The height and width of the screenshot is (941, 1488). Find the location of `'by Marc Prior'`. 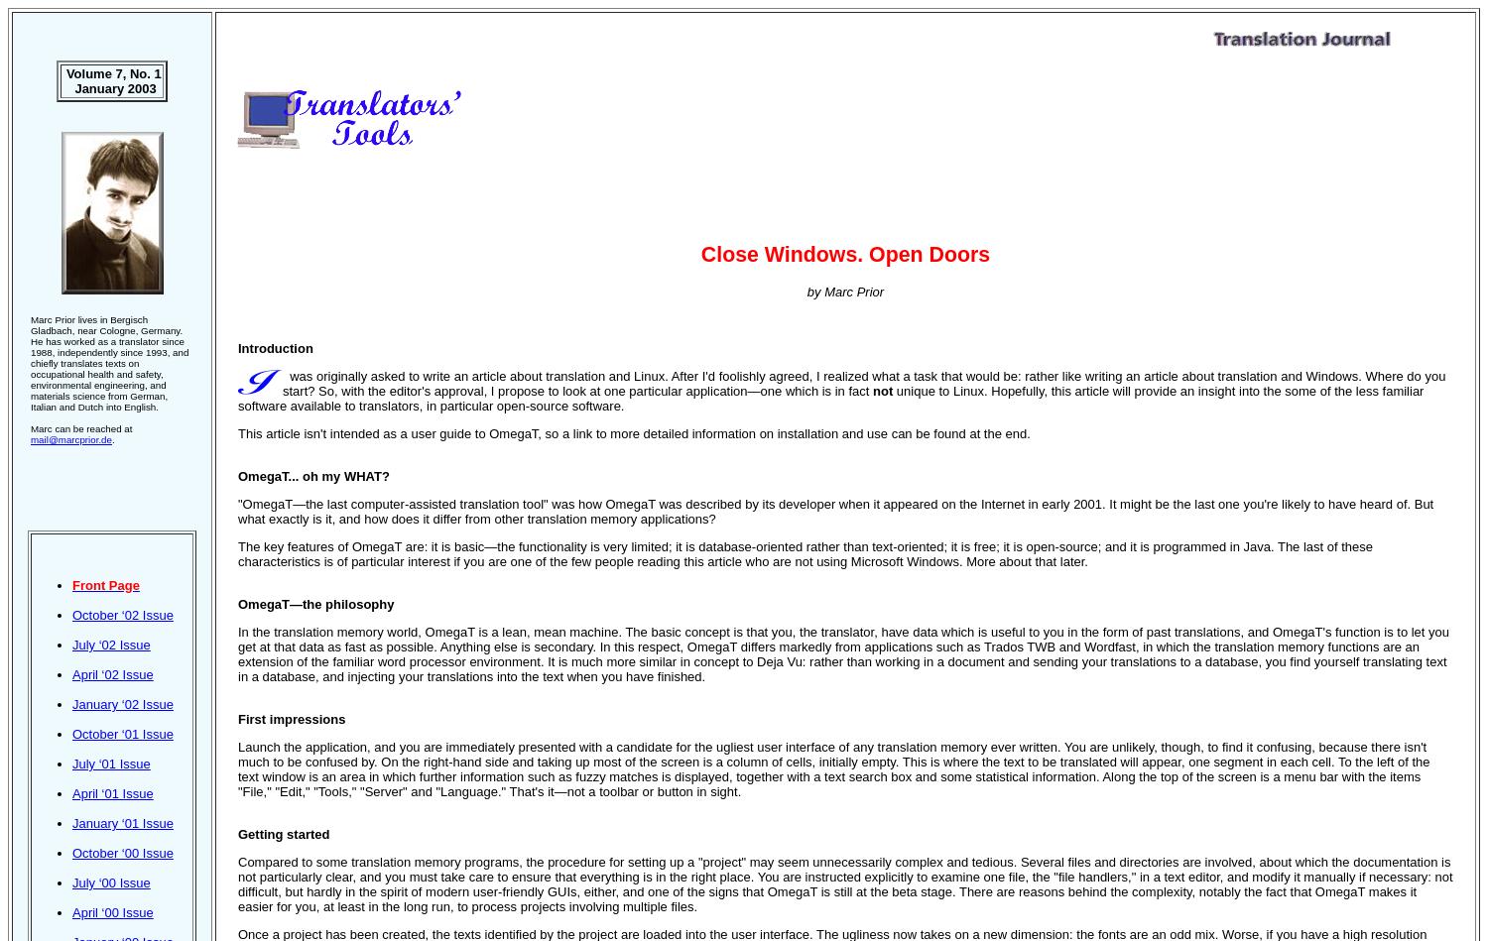

'by Marc Prior' is located at coordinates (843, 291).